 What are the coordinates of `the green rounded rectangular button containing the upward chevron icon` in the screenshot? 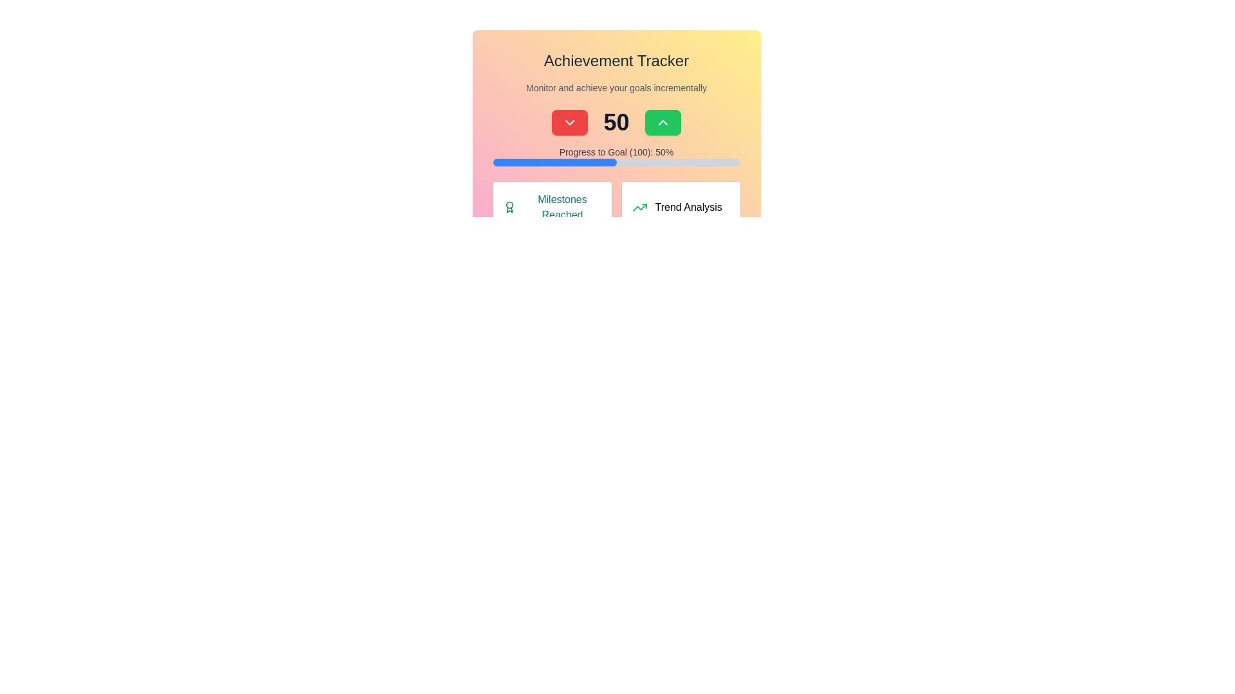 It's located at (663, 123).